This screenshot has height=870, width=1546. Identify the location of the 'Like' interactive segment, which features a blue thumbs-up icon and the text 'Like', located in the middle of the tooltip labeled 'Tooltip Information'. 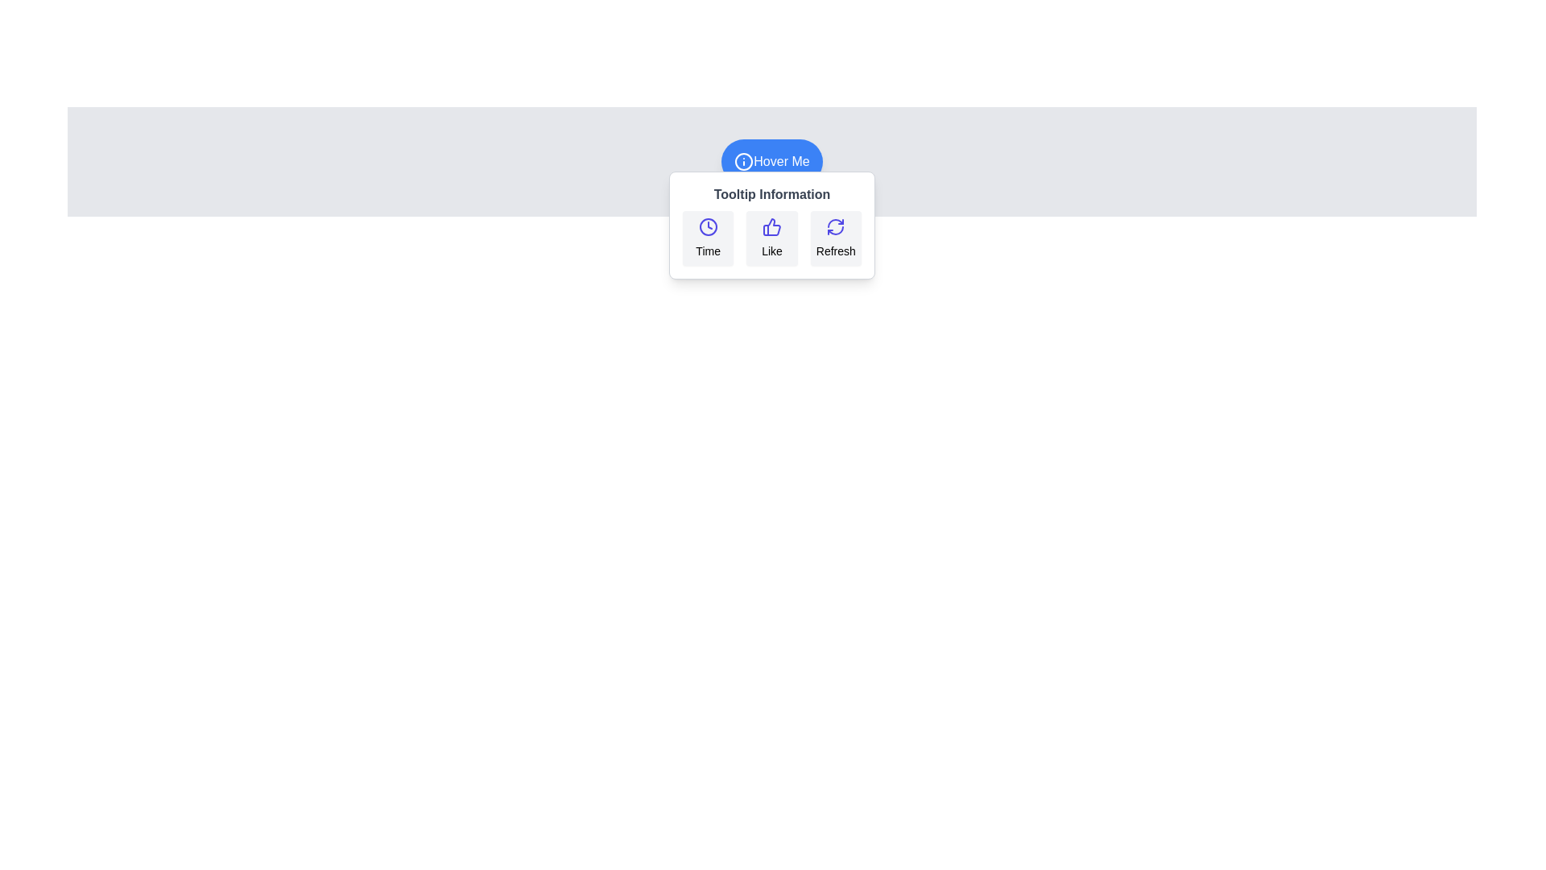
(771, 238).